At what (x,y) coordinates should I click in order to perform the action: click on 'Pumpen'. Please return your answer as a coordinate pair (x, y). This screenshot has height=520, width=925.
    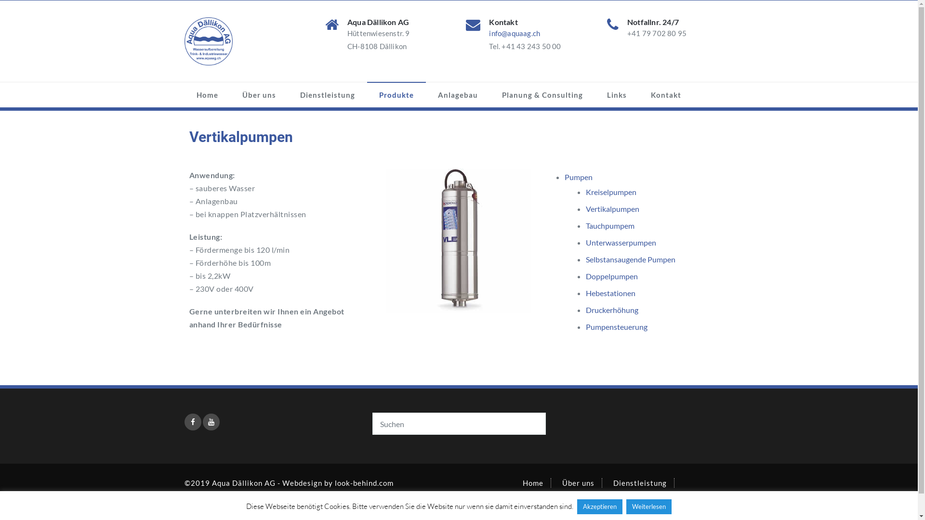
    Looking at the image, I should click on (578, 177).